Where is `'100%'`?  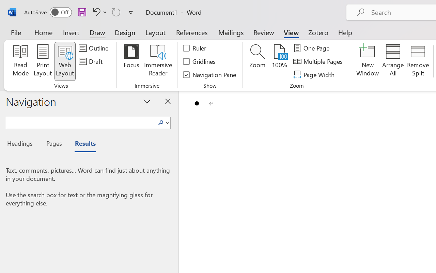 '100%' is located at coordinates (280, 61).